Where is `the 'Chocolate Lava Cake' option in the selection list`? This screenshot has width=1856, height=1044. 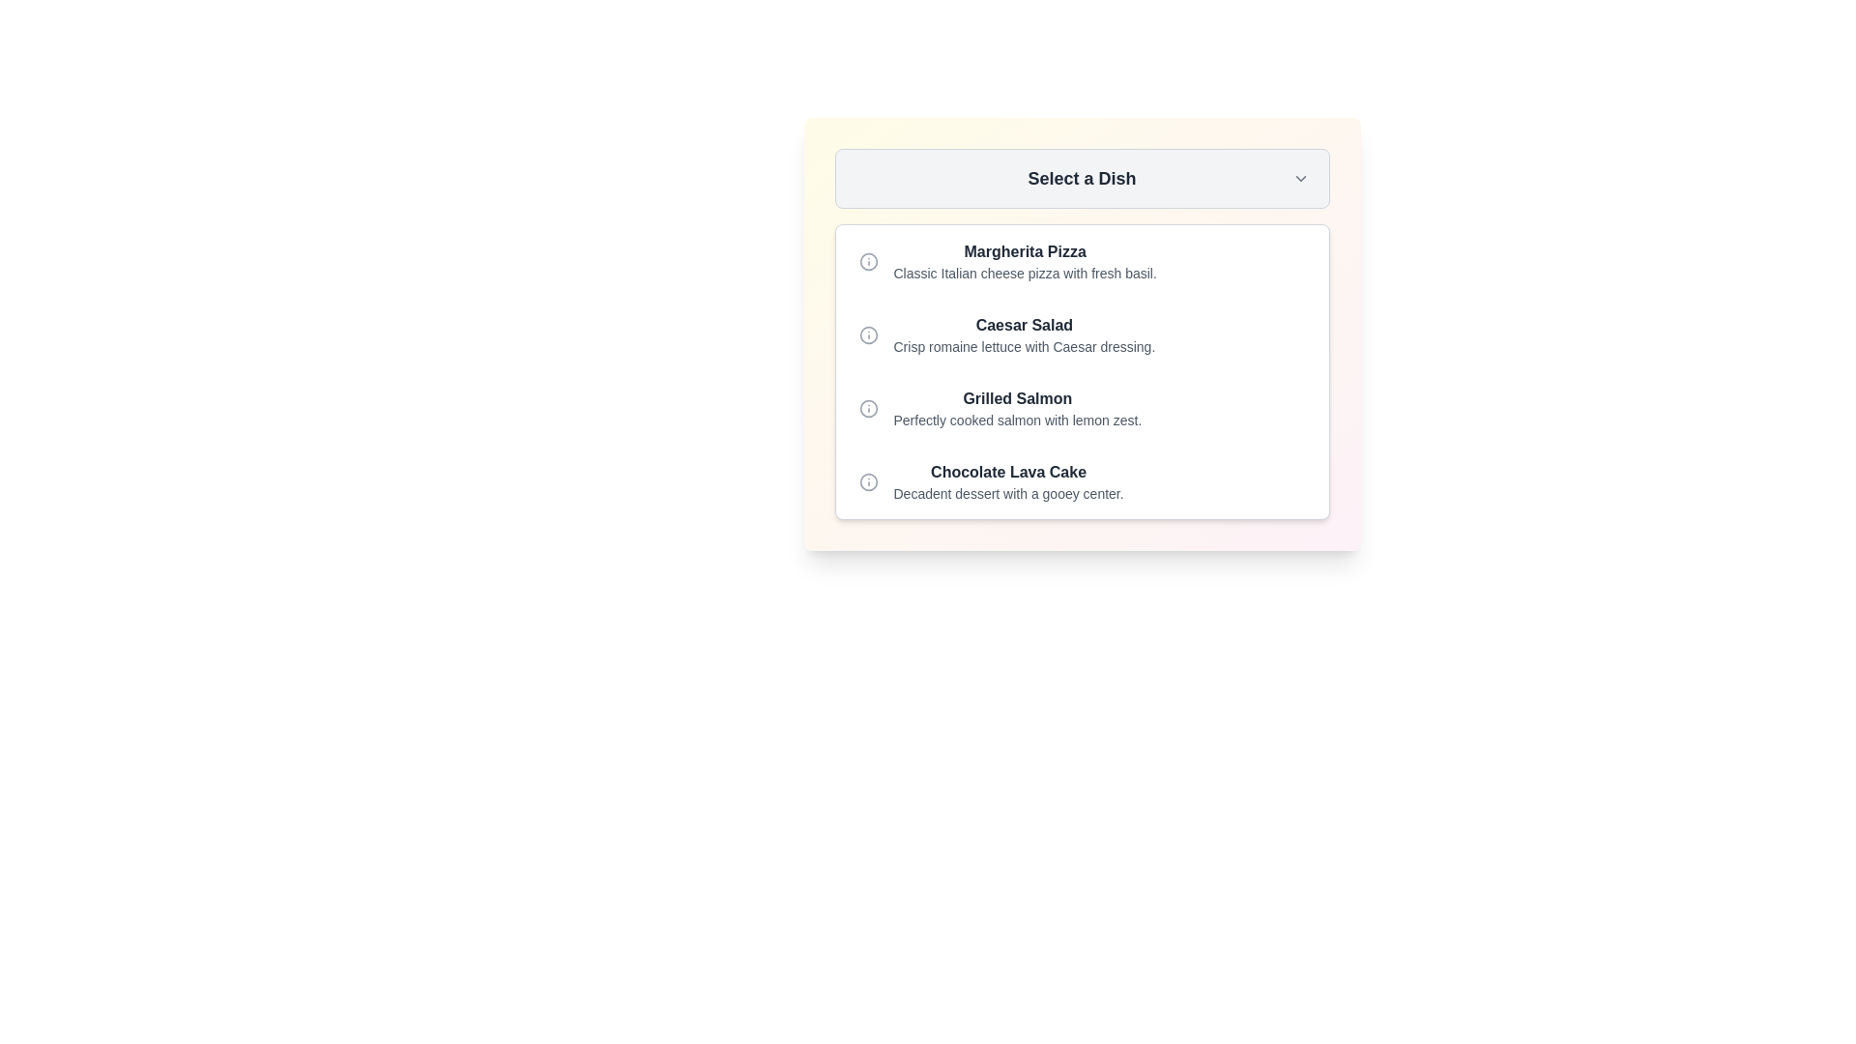 the 'Chocolate Lava Cake' option in the selection list is located at coordinates (1081, 480).